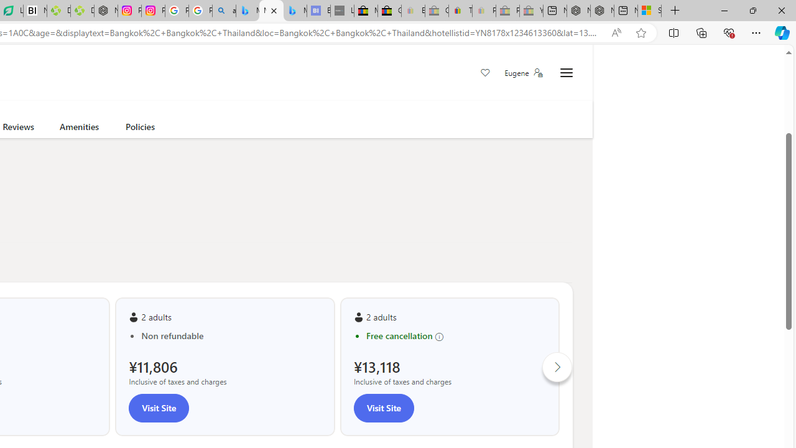 This screenshot has width=796, height=448. Describe the element at coordinates (557, 366) in the screenshot. I see `'Click to scroll right'` at that location.